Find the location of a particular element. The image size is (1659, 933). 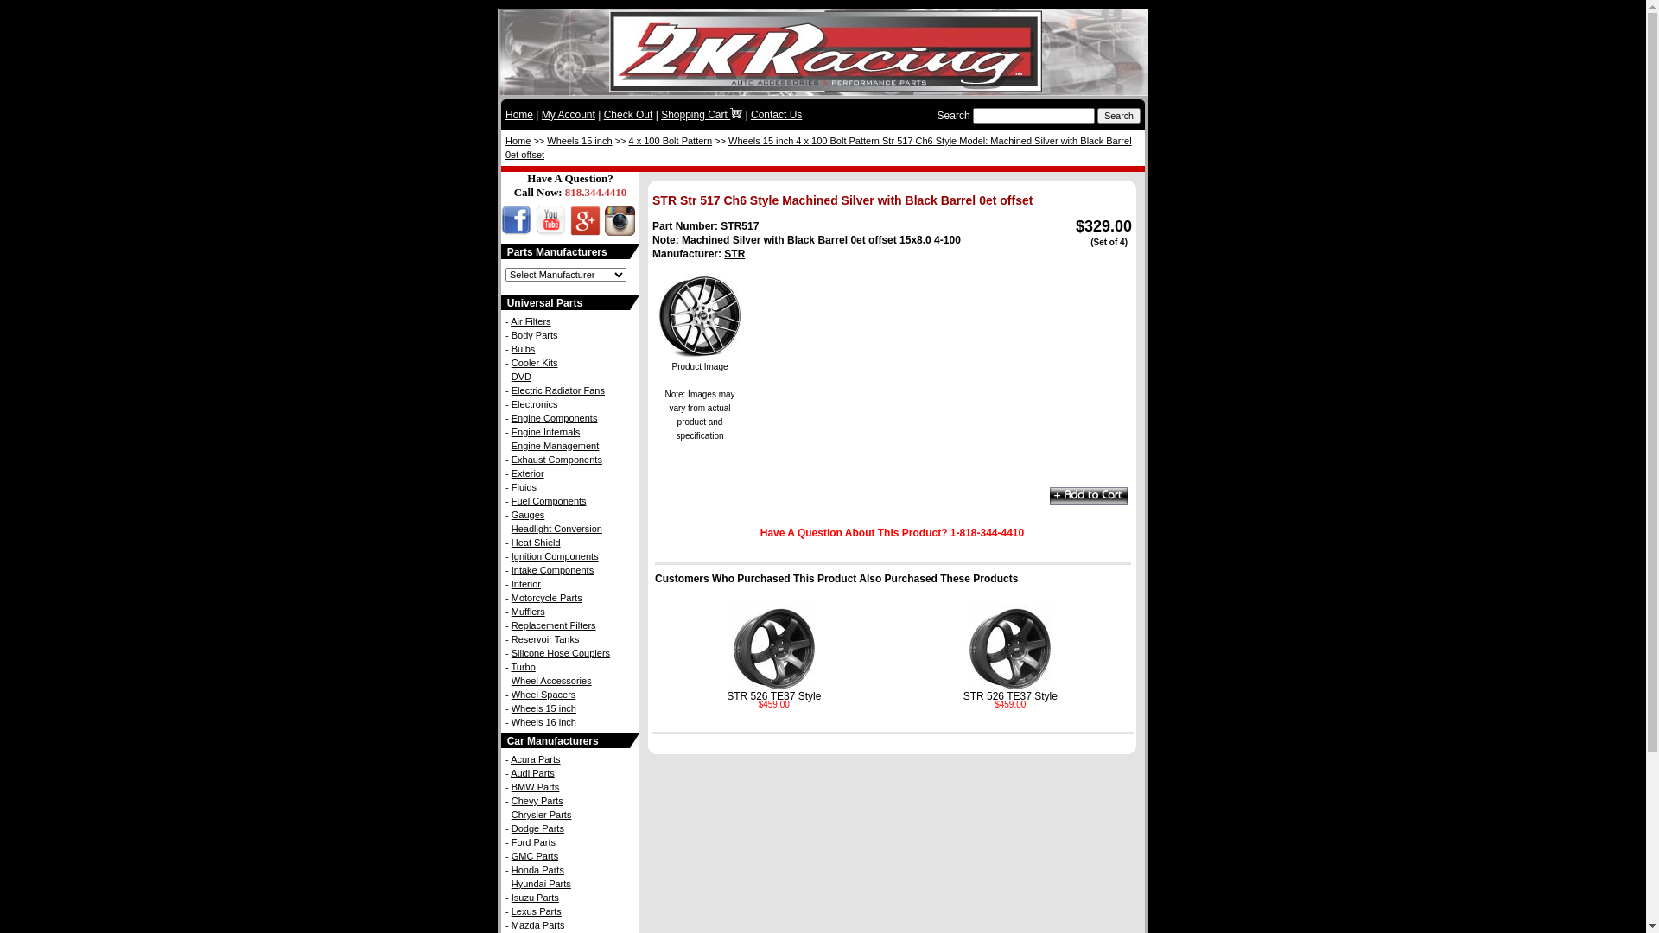

'Chrysler Parts' is located at coordinates (510, 814).